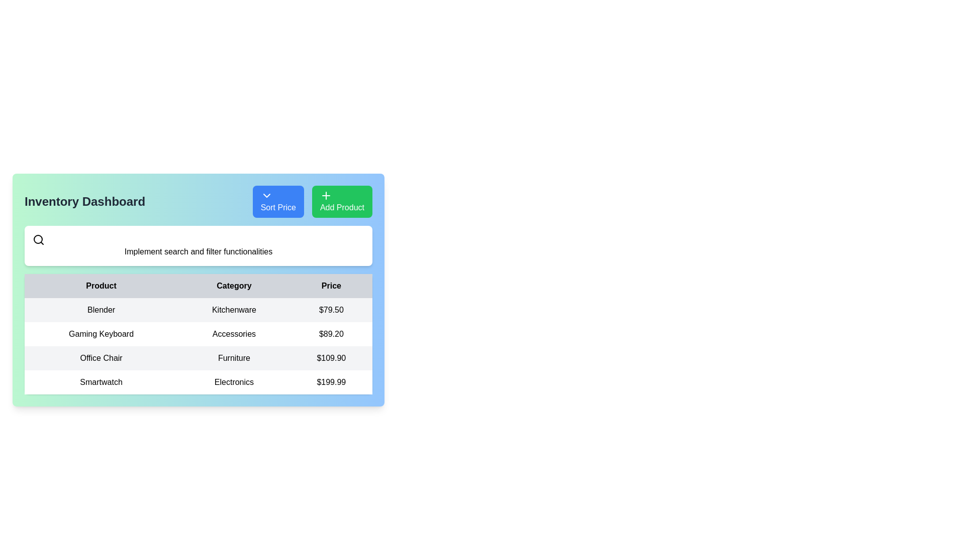 The height and width of the screenshot is (542, 965). Describe the element at coordinates (326, 195) in the screenshot. I see `the small green-colored plus icon located in the top-right corner of the 'Add Product' button` at that location.